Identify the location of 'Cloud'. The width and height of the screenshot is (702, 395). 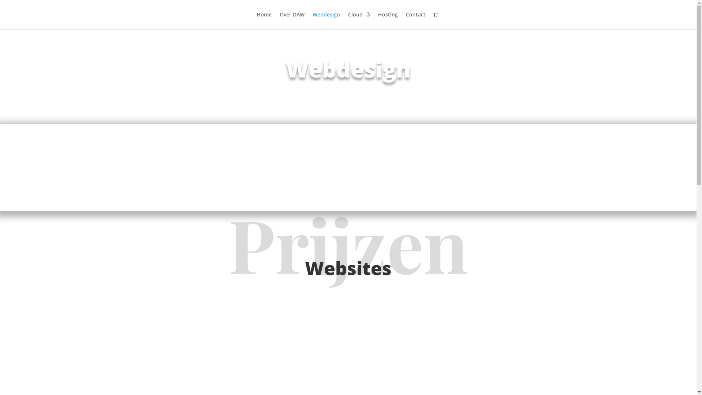
(347, 20).